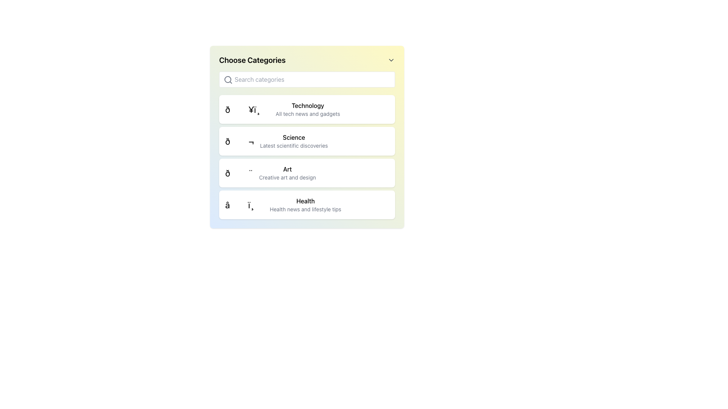 This screenshot has height=409, width=728. What do you see at coordinates (308, 114) in the screenshot?
I see `the text label that reads 'All tech news and gadgets', which is styled with a smaller font size and lighter gray color, positioned beneath the bold 'Technology' text in the vertical list` at bounding box center [308, 114].